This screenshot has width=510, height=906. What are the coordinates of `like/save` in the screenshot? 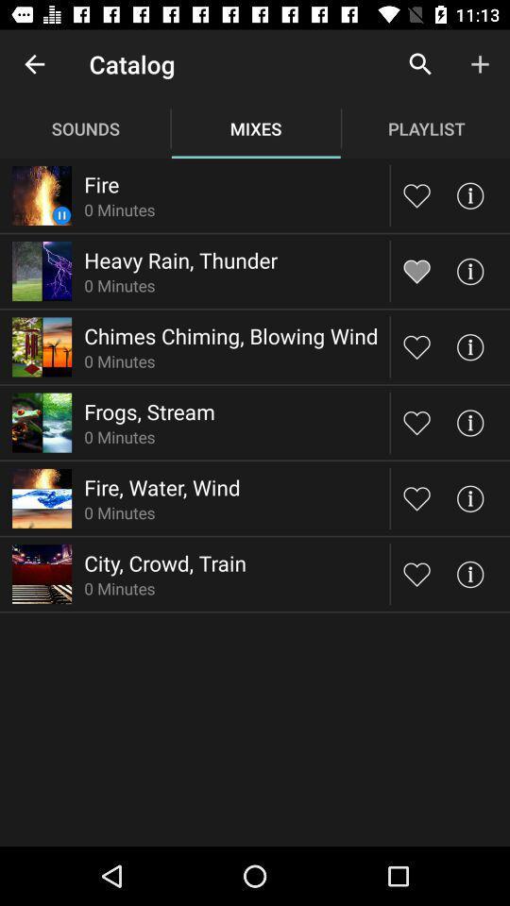 It's located at (416, 195).